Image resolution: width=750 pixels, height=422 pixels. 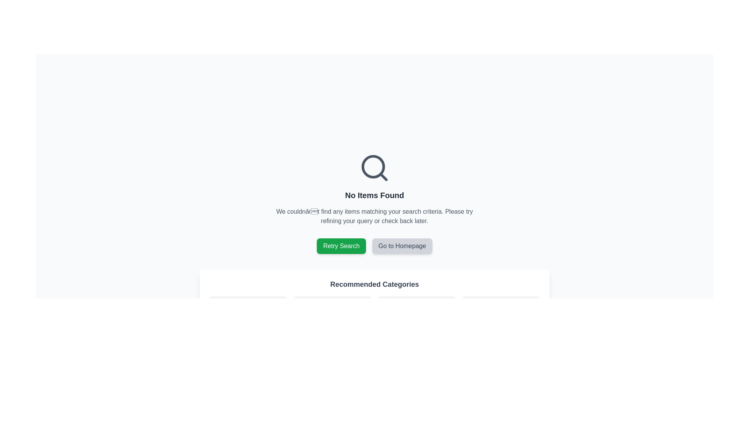 What do you see at coordinates (383, 177) in the screenshot?
I see `the decorative SVG component that represents the bottom-right part of the magnifying glass icon within the 'No Items Found' message` at bounding box center [383, 177].